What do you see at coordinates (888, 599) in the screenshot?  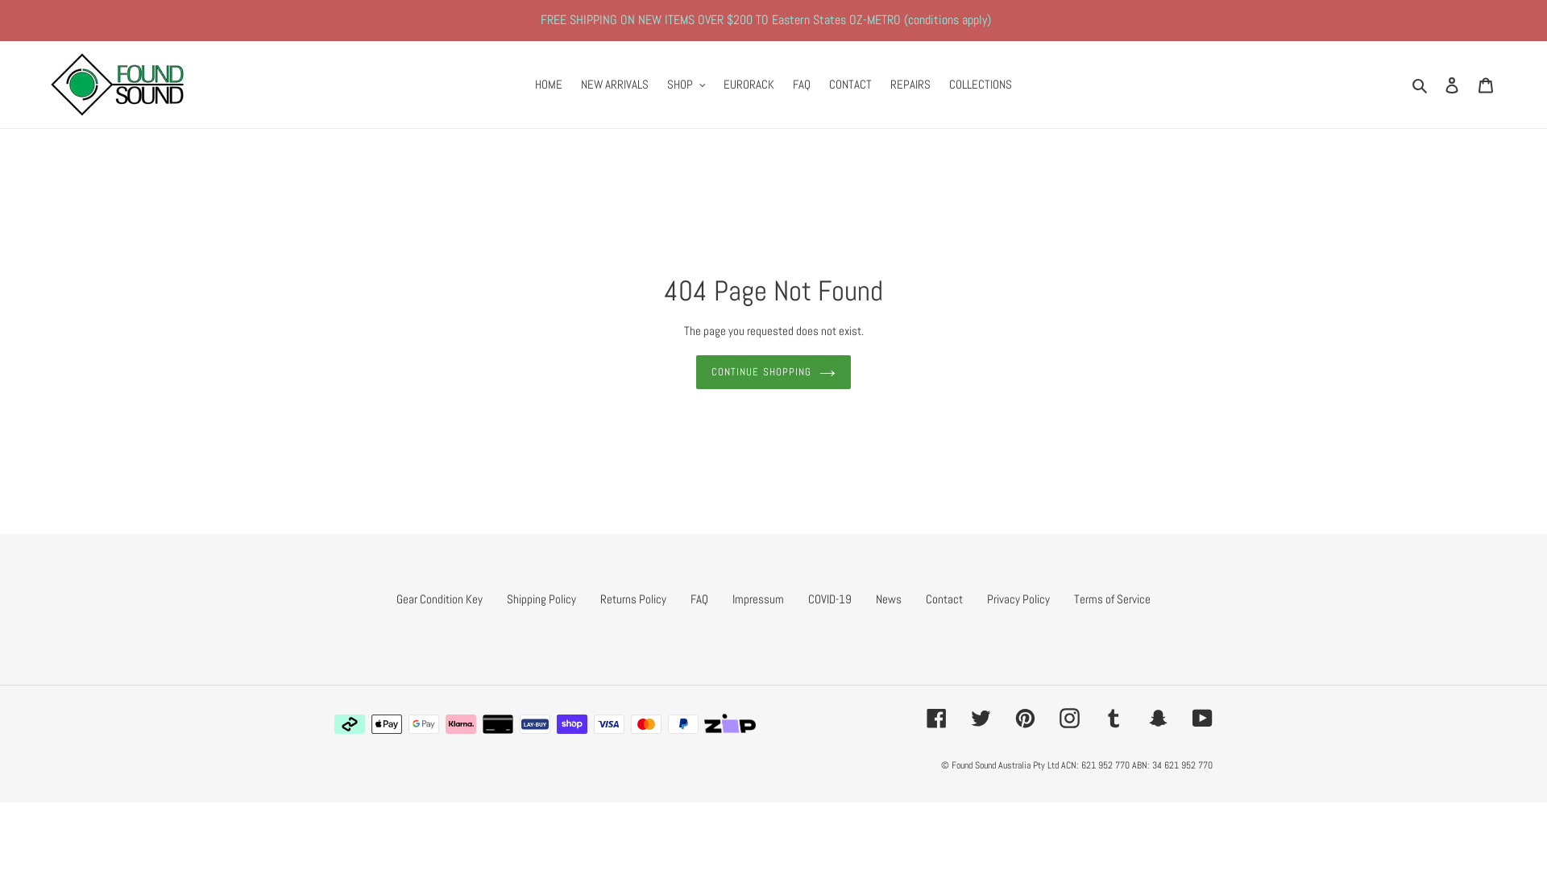 I see `'News'` at bounding box center [888, 599].